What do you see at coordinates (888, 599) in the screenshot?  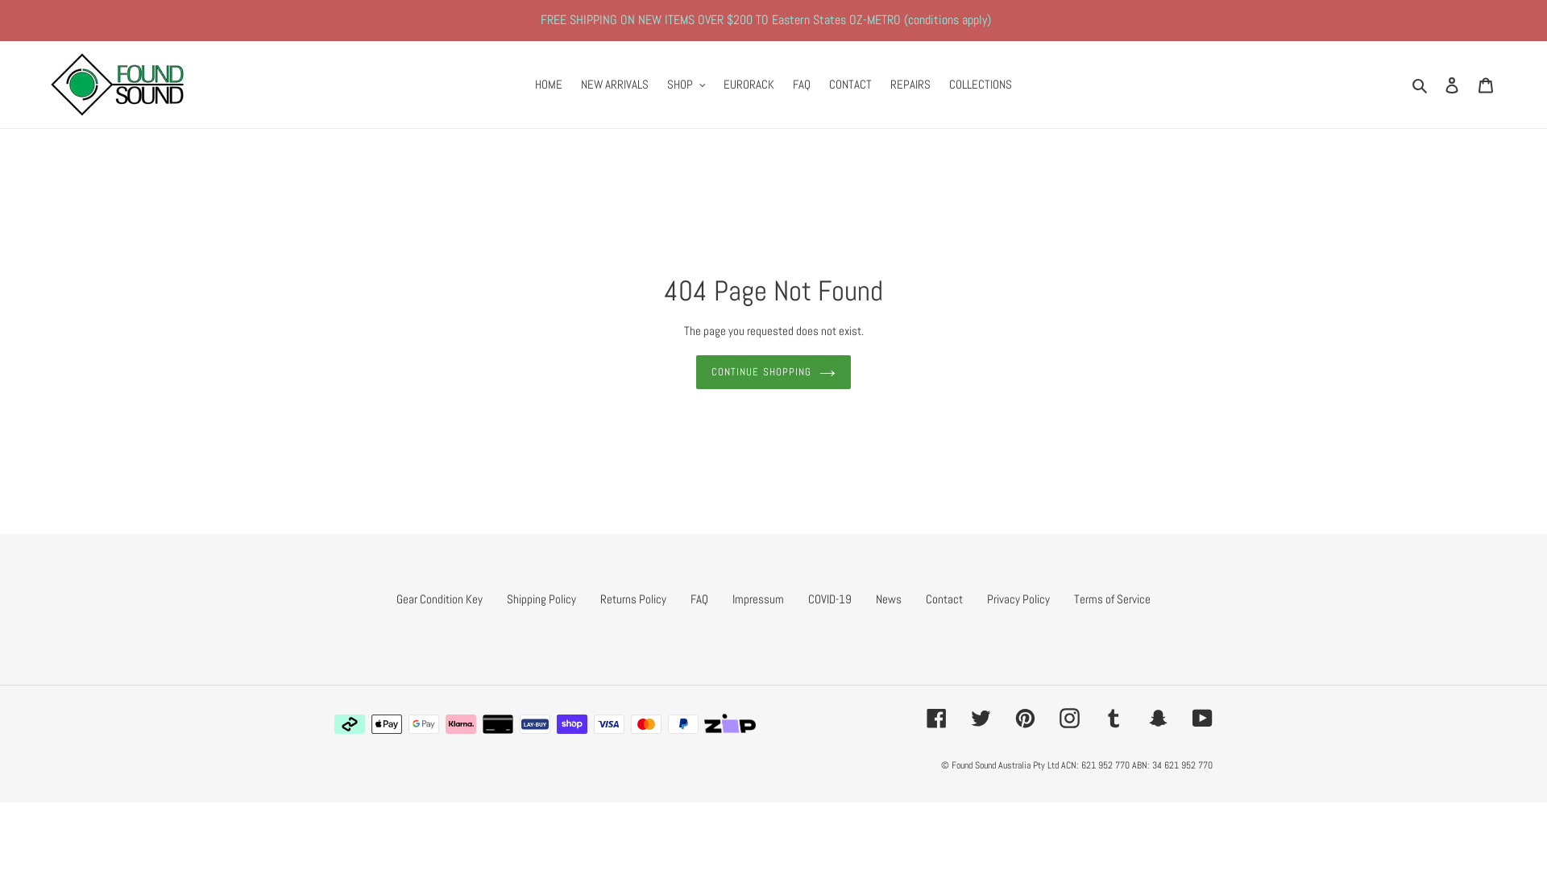 I see `'News'` at bounding box center [888, 599].